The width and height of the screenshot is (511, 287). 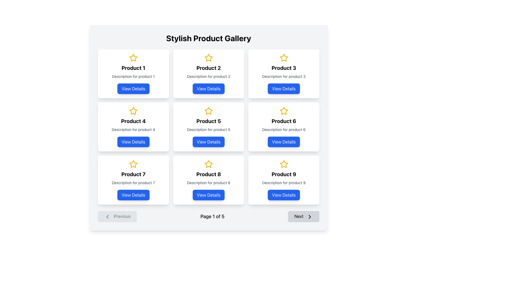 I want to click on the star icon with a yellow outline and a white center, which is located above the 'Product 3' card in the top-right corner of the product grid, so click(x=283, y=58).